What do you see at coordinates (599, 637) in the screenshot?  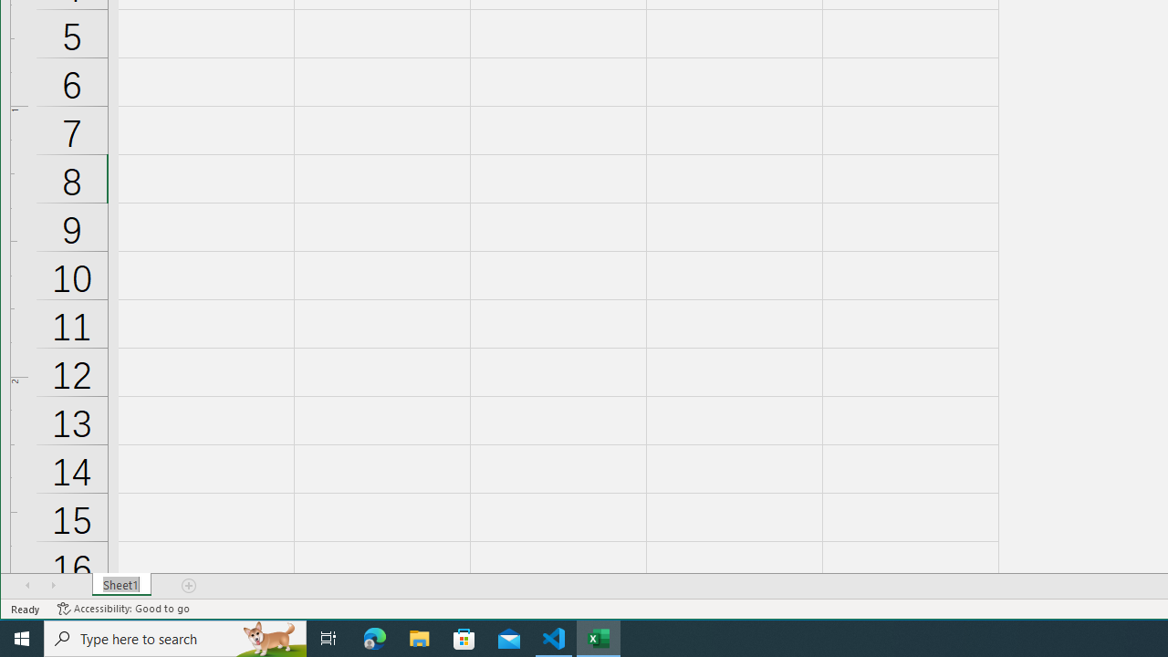 I see `'Excel - 1 running window'` at bounding box center [599, 637].